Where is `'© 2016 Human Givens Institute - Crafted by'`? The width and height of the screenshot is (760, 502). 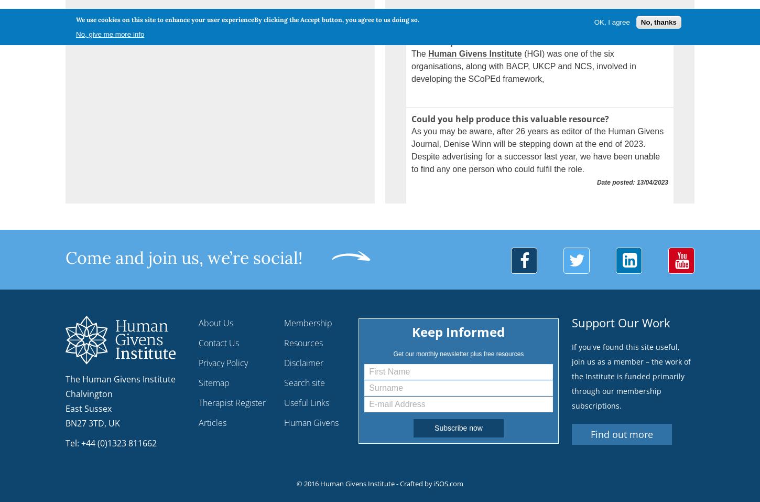
'© 2016 Human Givens Institute - Crafted by' is located at coordinates (365, 483).